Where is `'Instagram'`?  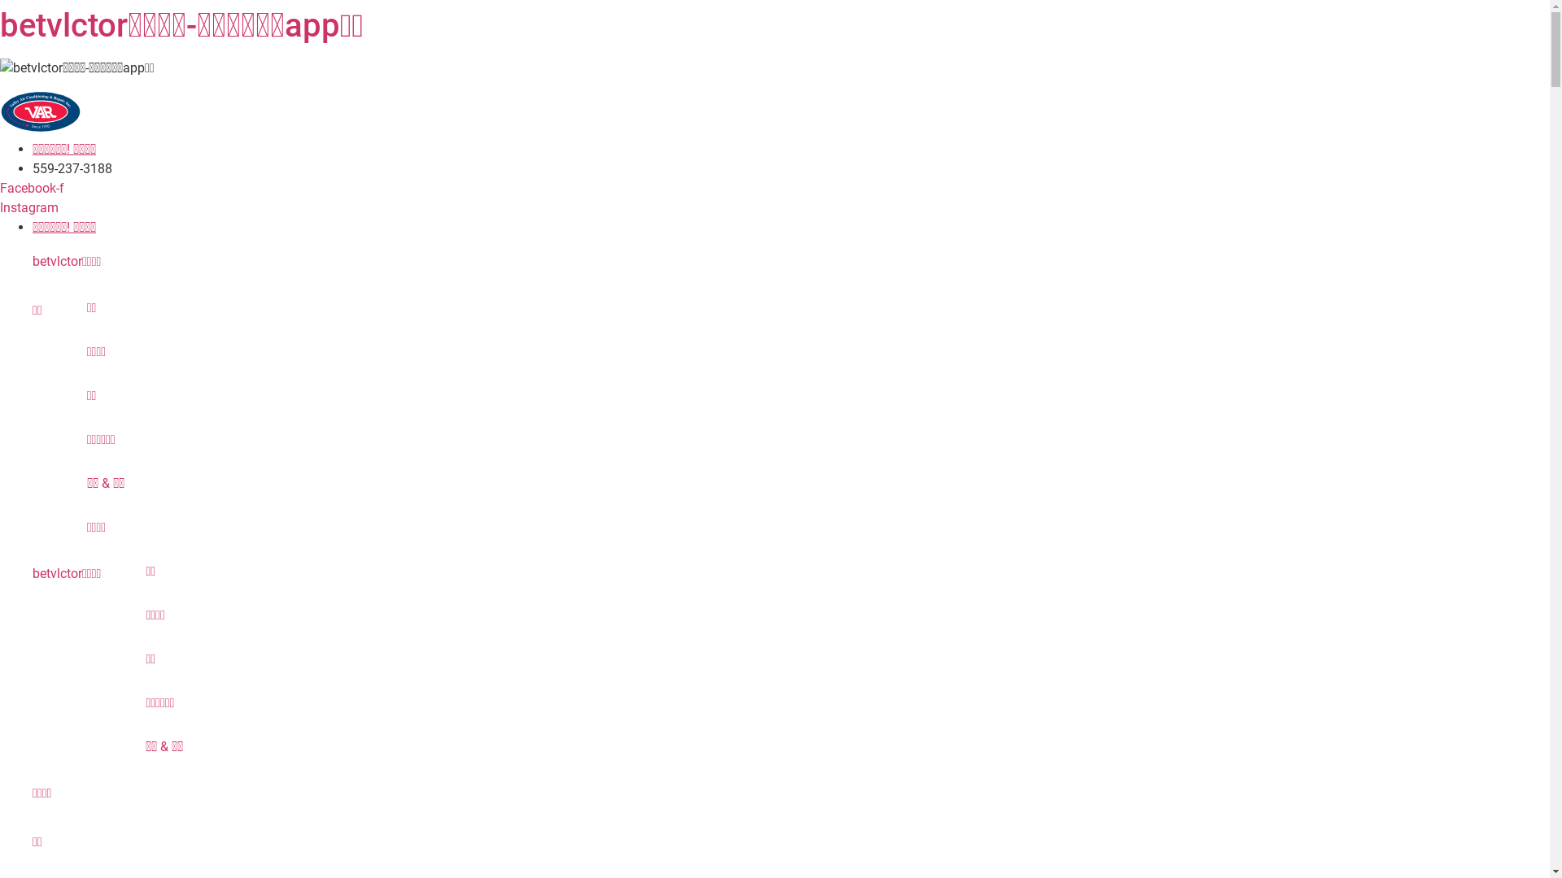 'Instagram' is located at coordinates (28, 206).